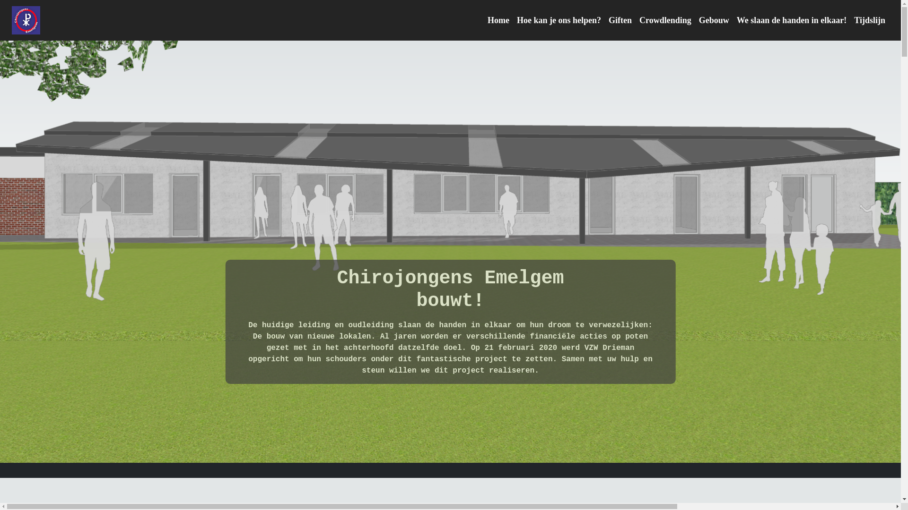 Image resolution: width=908 pixels, height=510 pixels. I want to click on 'Crowdlending', so click(664, 20).